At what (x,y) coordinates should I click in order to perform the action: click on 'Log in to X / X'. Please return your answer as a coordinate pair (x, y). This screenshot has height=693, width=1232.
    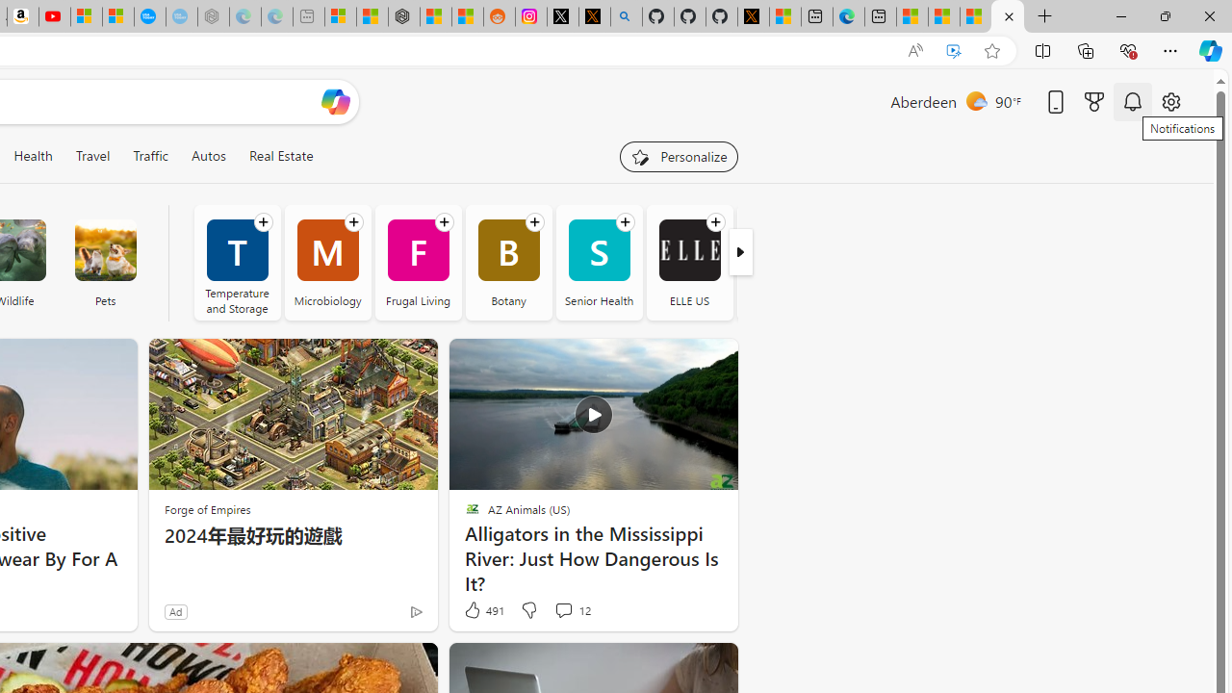
    Looking at the image, I should click on (562, 16).